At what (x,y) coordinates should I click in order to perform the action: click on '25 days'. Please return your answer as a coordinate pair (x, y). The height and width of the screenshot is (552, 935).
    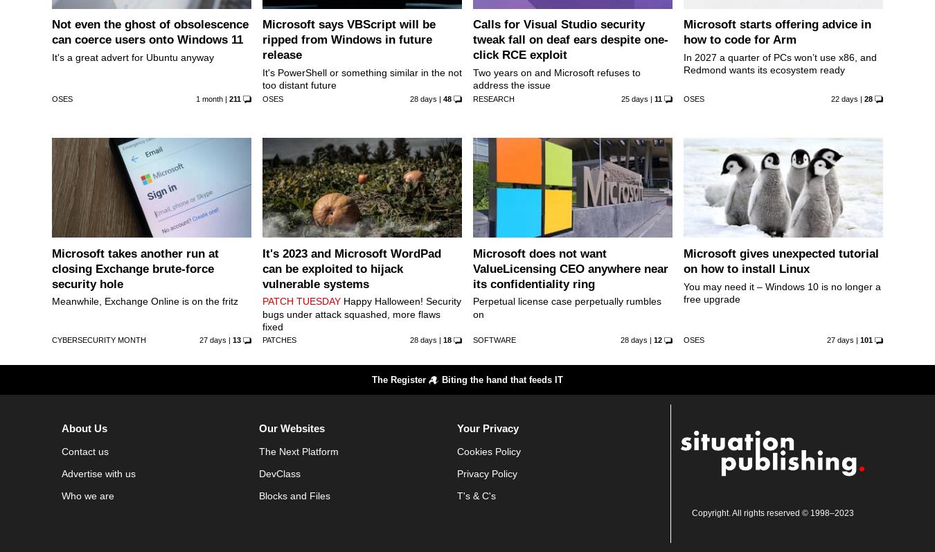
    Looking at the image, I should click on (633, 98).